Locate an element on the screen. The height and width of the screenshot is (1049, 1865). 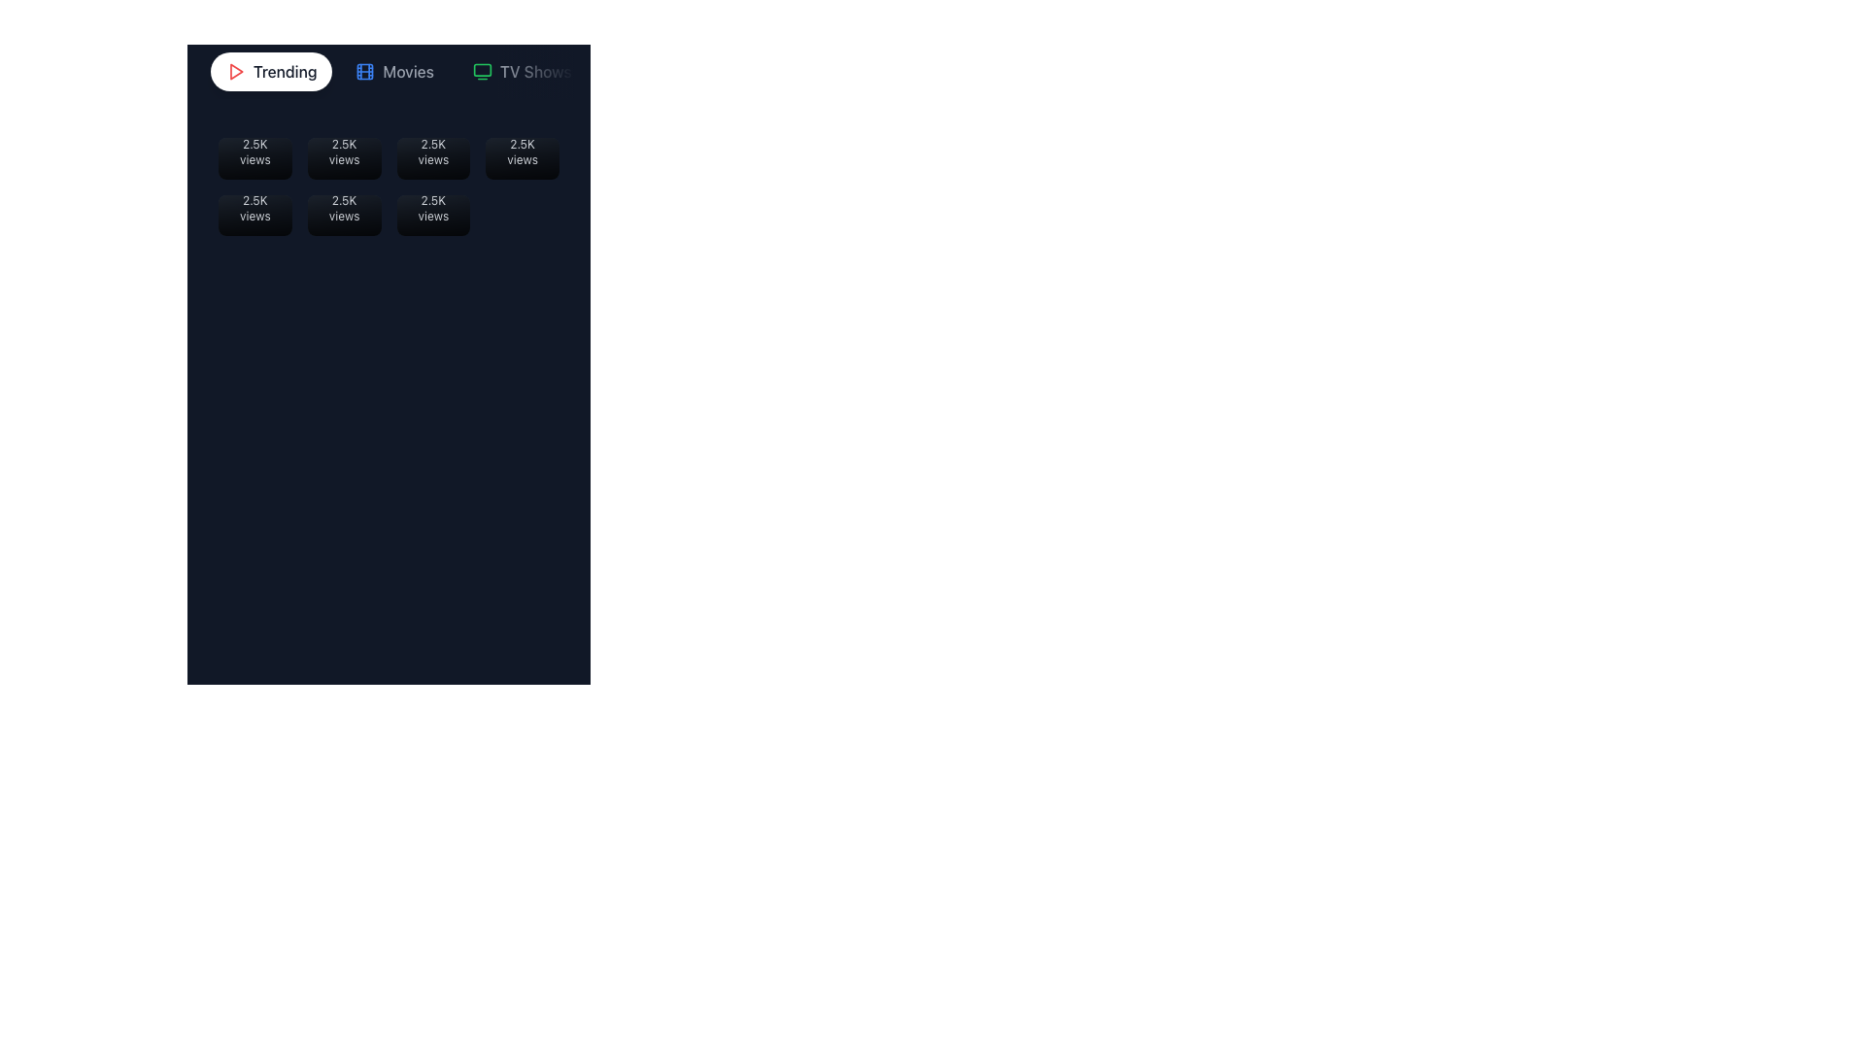
the decorative rectangle within the upper navigation section of the interface that symbolizes a specific category or feature, located next to the 'Trending' and 'TV Shows' icons is located at coordinates (365, 70).